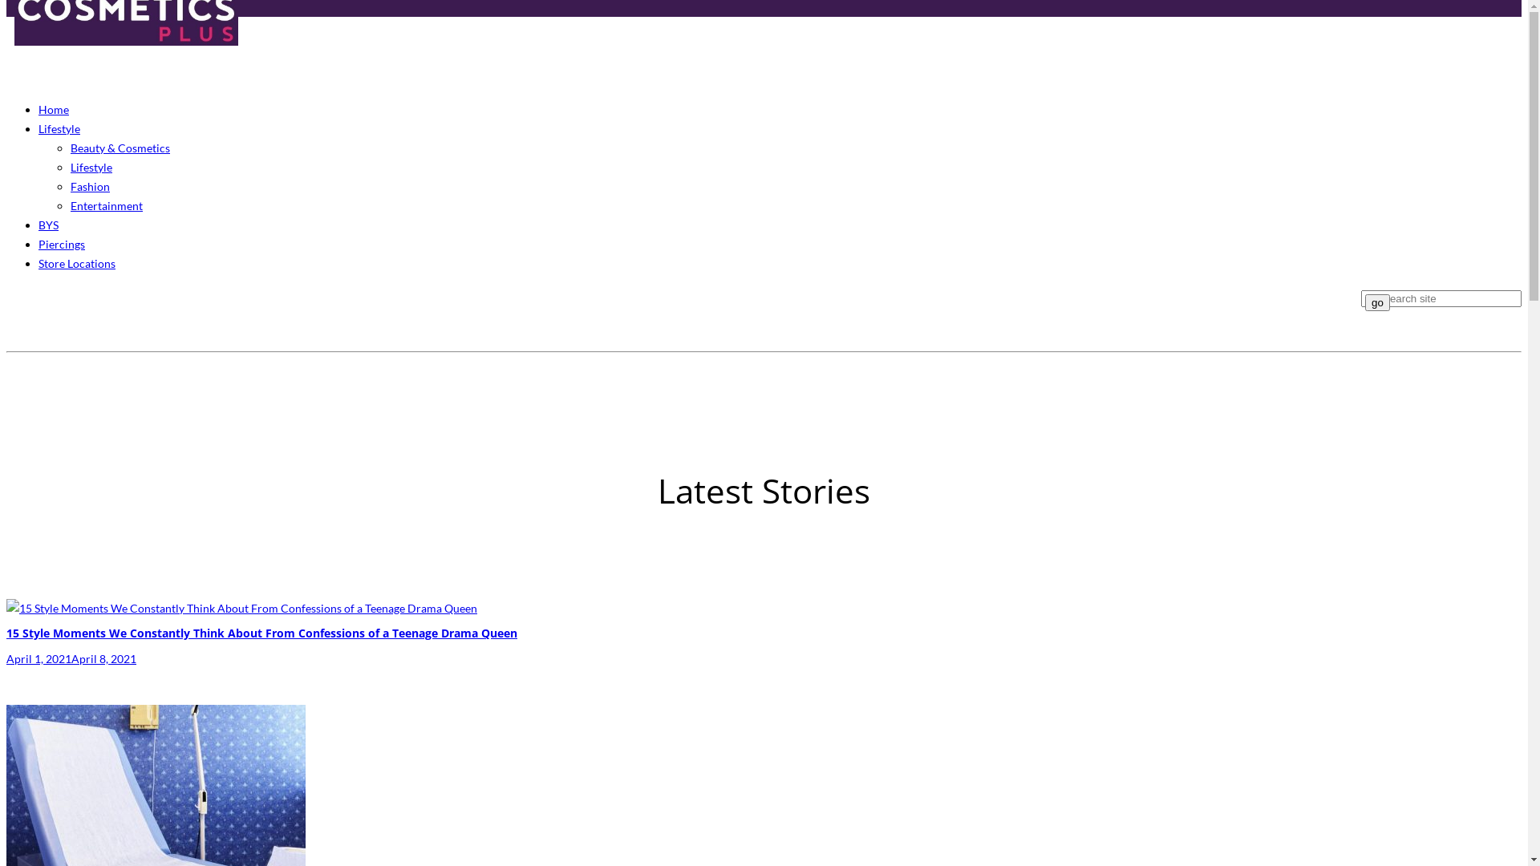 The width and height of the screenshot is (1540, 866). I want to click on 'Instagram', so click(80, 300).